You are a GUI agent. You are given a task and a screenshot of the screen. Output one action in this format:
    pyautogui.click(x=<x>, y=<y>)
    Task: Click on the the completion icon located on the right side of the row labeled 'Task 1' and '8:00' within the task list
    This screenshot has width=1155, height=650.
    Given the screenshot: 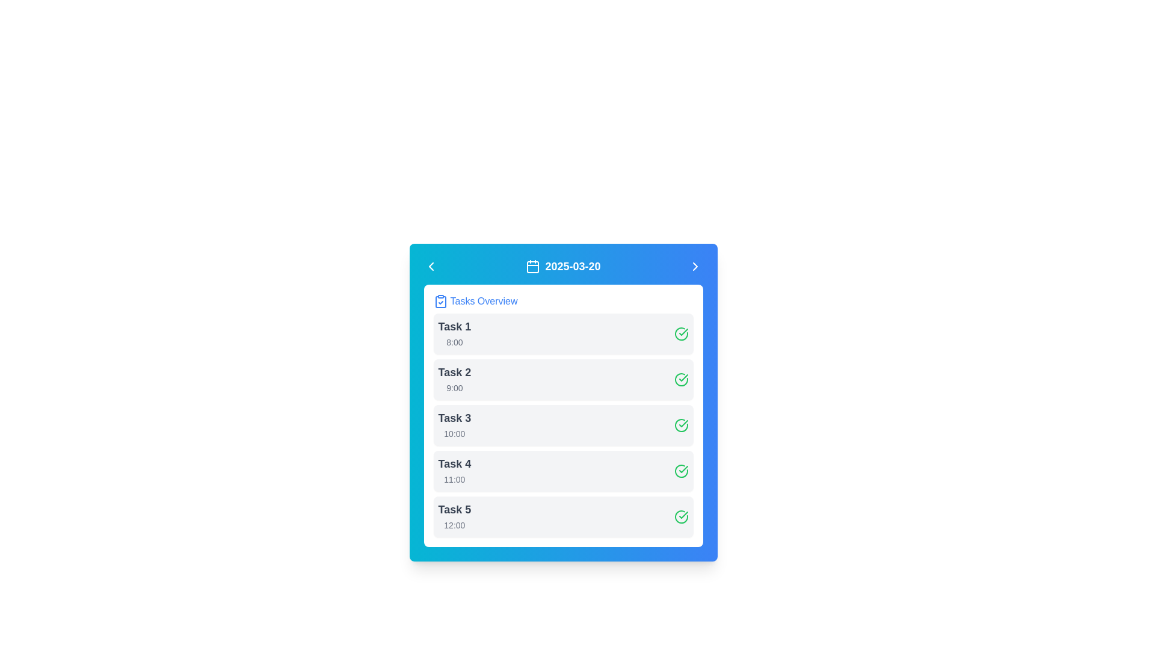 What is the action you would take?
    pyautogui.click(x=681, y=334)
    